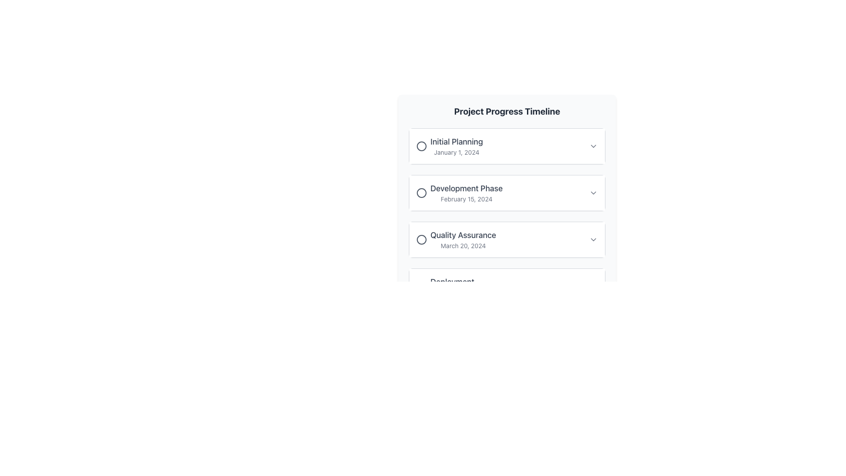 The image size is (846, 476). Describe the element at coordinates (456, 145) in the screenshot. I see `the text block containing 'Initial Planning' and 'January 1, 2024', which is located in the first section of the 'Project Progress Timeline'` at that location.